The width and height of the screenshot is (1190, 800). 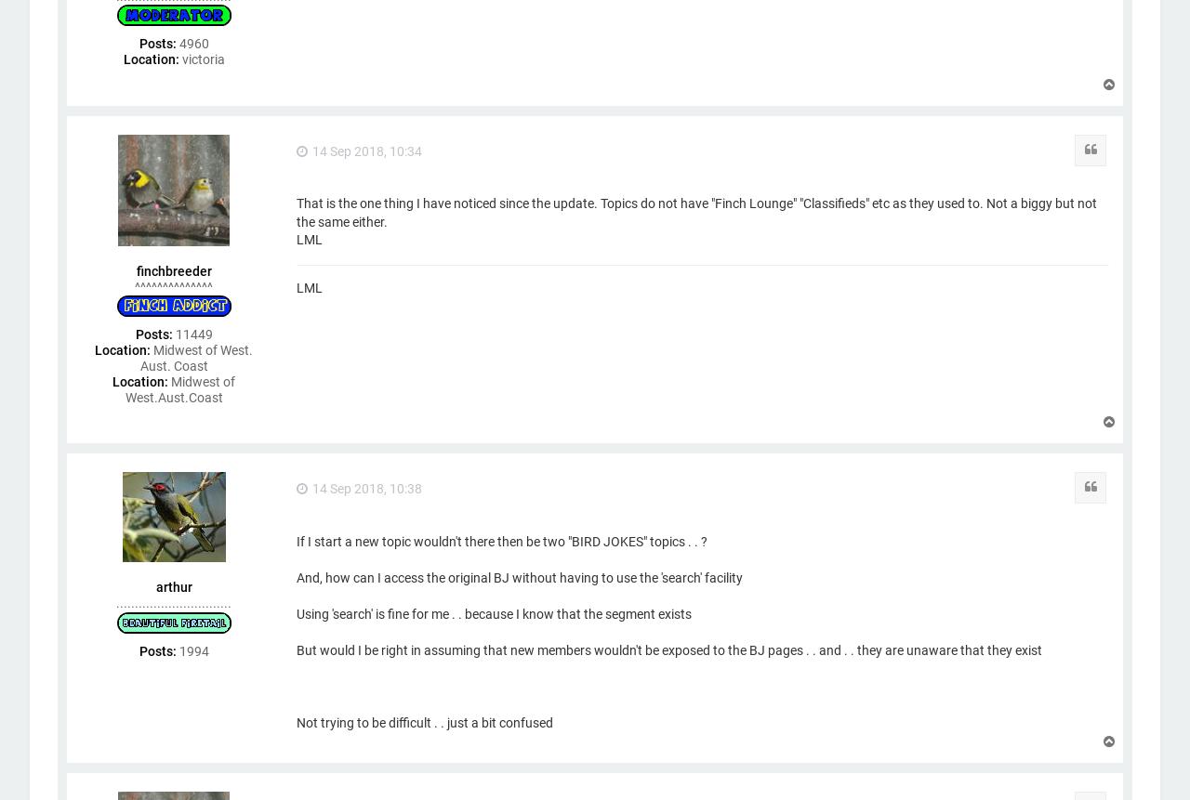 I want to click on '11449', so click(x=192, y=333).